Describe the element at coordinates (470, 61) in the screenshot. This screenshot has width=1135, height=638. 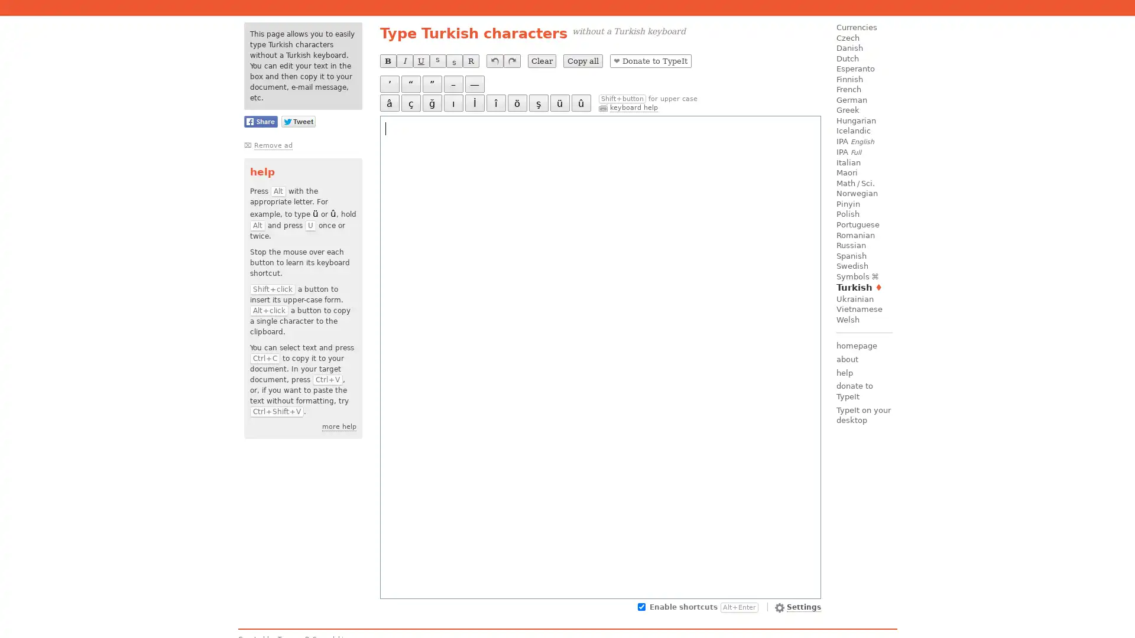
I see `R` at that location.